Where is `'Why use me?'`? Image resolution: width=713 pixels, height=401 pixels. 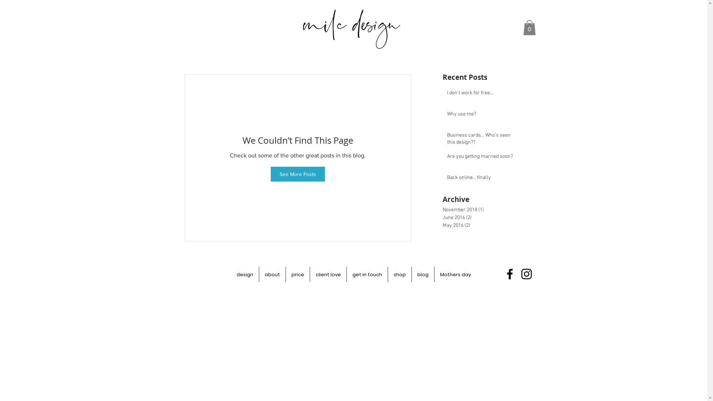
'Why use me?' is located at coordinates (447, 116).